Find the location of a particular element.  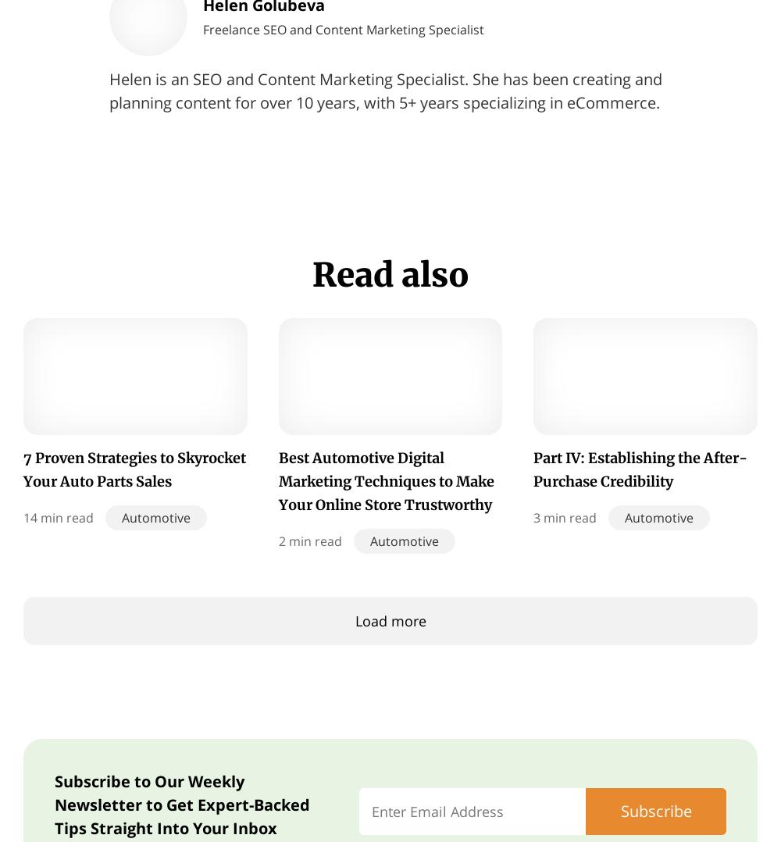

'Enter Email Address' is located at coordinates (437, 810).